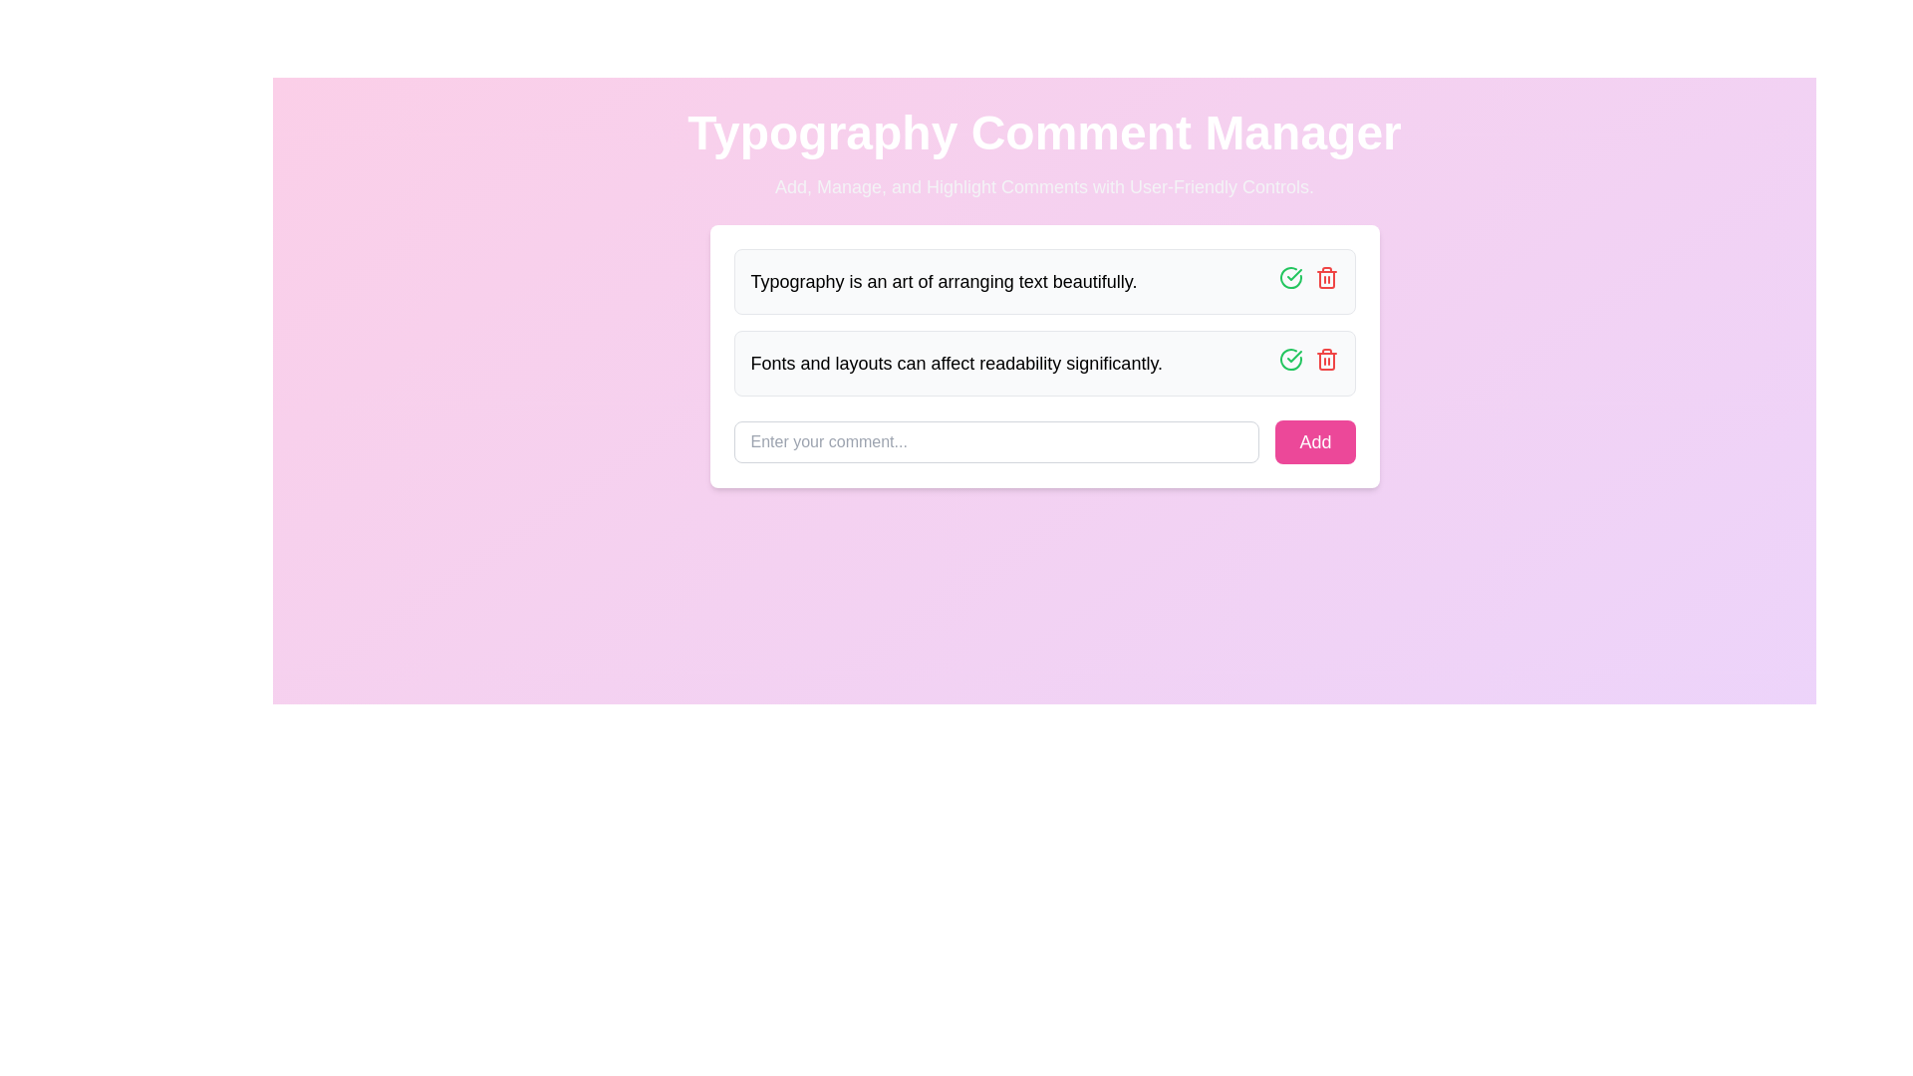 Image resolution: width=1913 pixels, height=1076 pixels. Describe the element at coordinates (1326, 360) in the screenshot. I see `the red trash can icon in the comment management panel` at that location.